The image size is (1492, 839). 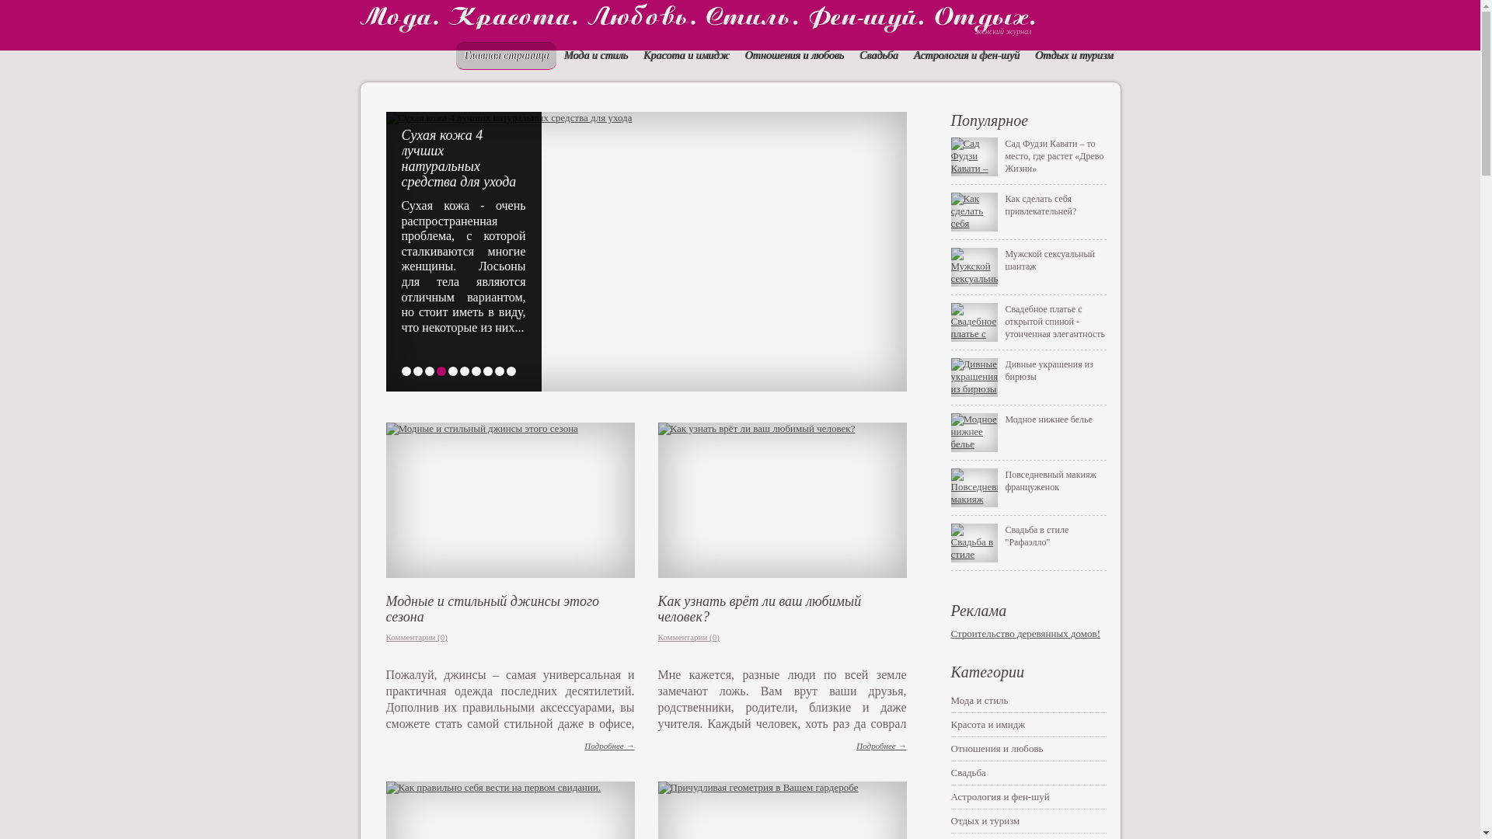 What do you see at coordinates (511, 371) in the screenshot?
I see `'10'` at bounding box center [511, 371].